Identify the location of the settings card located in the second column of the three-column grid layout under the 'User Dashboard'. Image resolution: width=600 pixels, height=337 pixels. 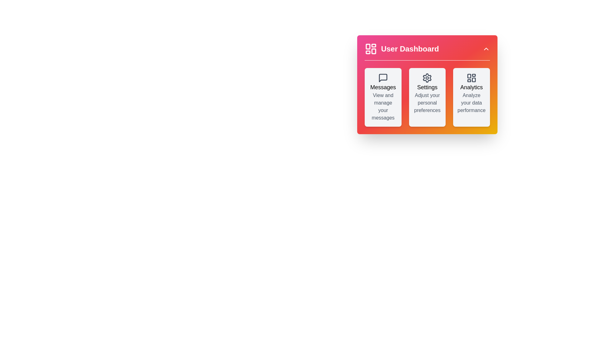
(427, 85).